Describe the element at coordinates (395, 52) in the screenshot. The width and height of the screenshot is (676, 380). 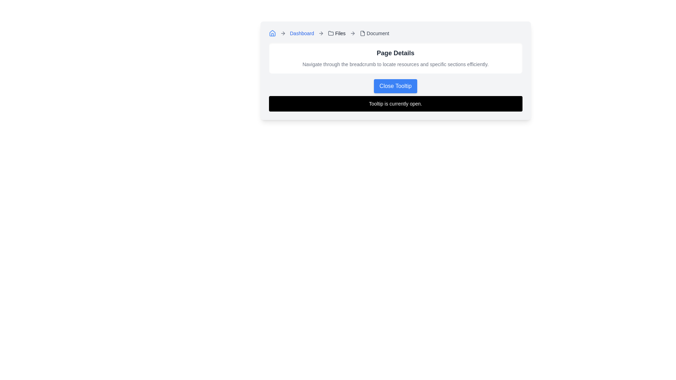
I see `the static text heading that reads 'Page Details', which is bold and large in dark gray, styled with a serif font, positioned as a header above subtext` at that location.